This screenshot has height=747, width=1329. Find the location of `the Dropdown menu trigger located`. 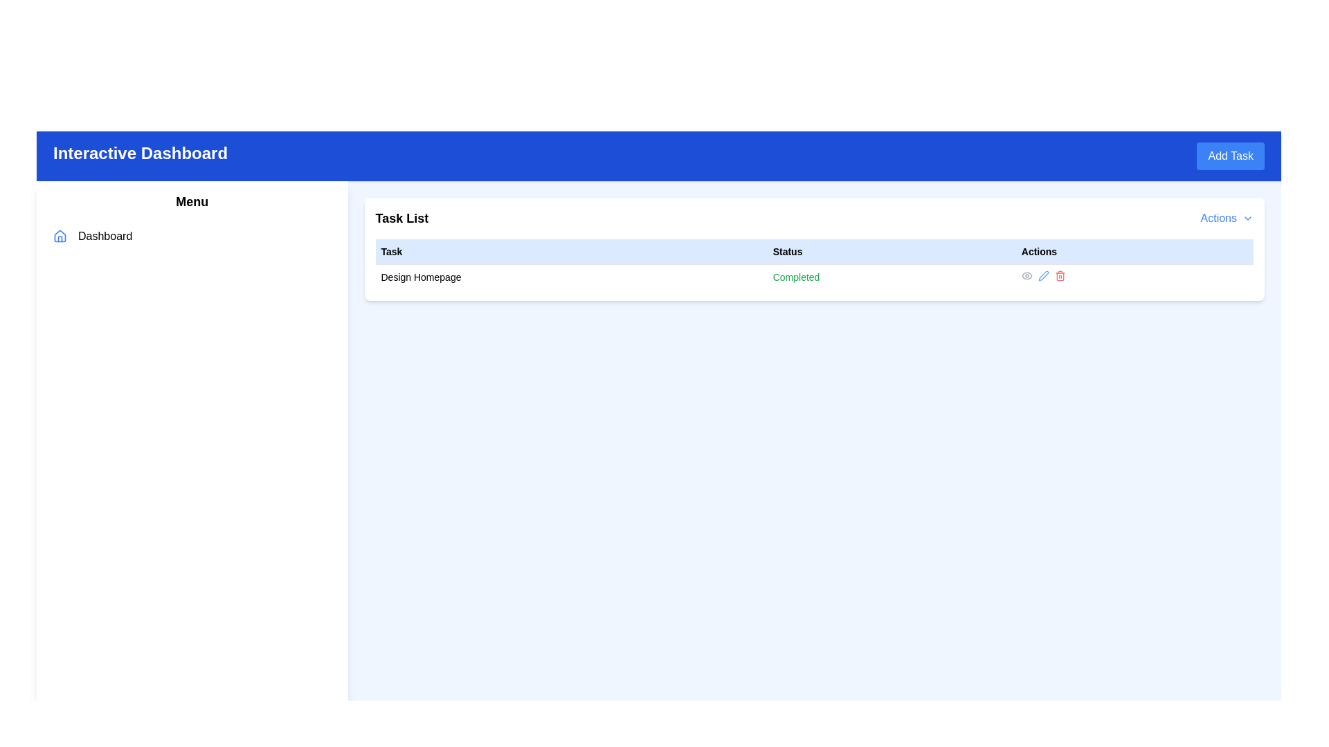

the Dropdown menu trigger located is located at coordinates (1227, 218).